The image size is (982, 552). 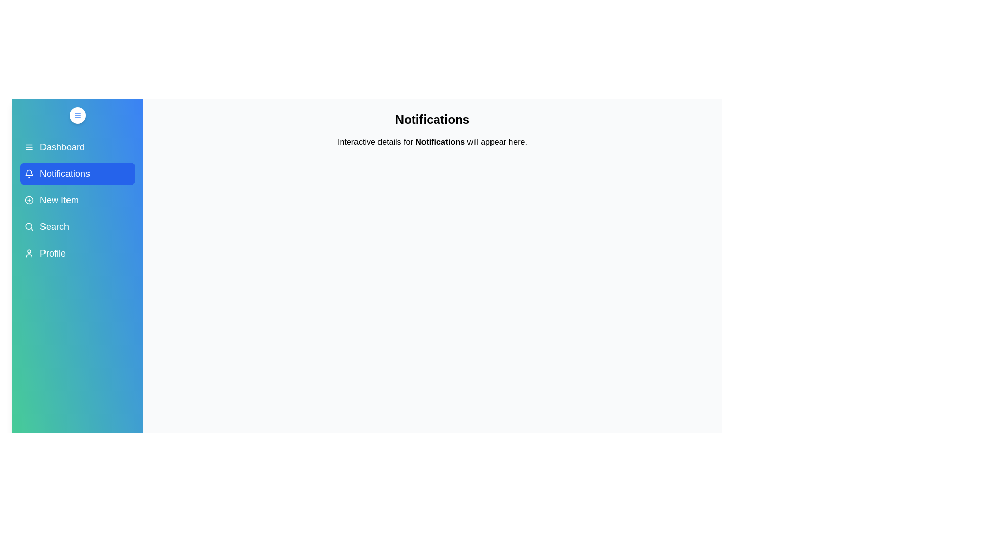 I want to click on the toggle button to change the drawer's open/close state, so click(x=77, y=115).